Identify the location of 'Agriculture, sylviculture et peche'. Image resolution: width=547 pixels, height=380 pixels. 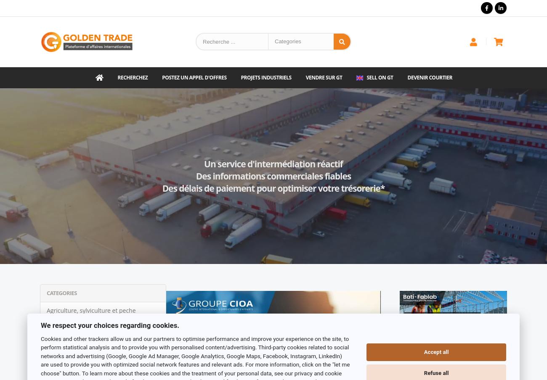
(91, 310).